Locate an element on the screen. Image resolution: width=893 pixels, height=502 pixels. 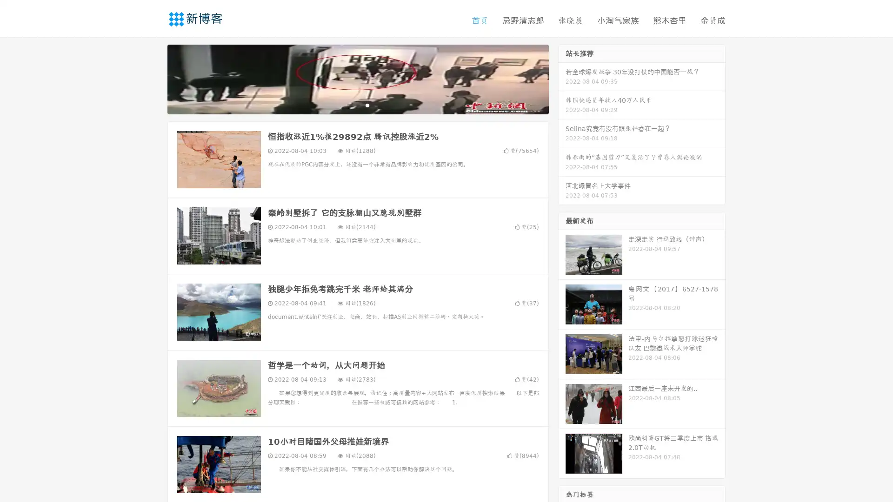
Go to slide 2 is located at coordinates (357, 105).